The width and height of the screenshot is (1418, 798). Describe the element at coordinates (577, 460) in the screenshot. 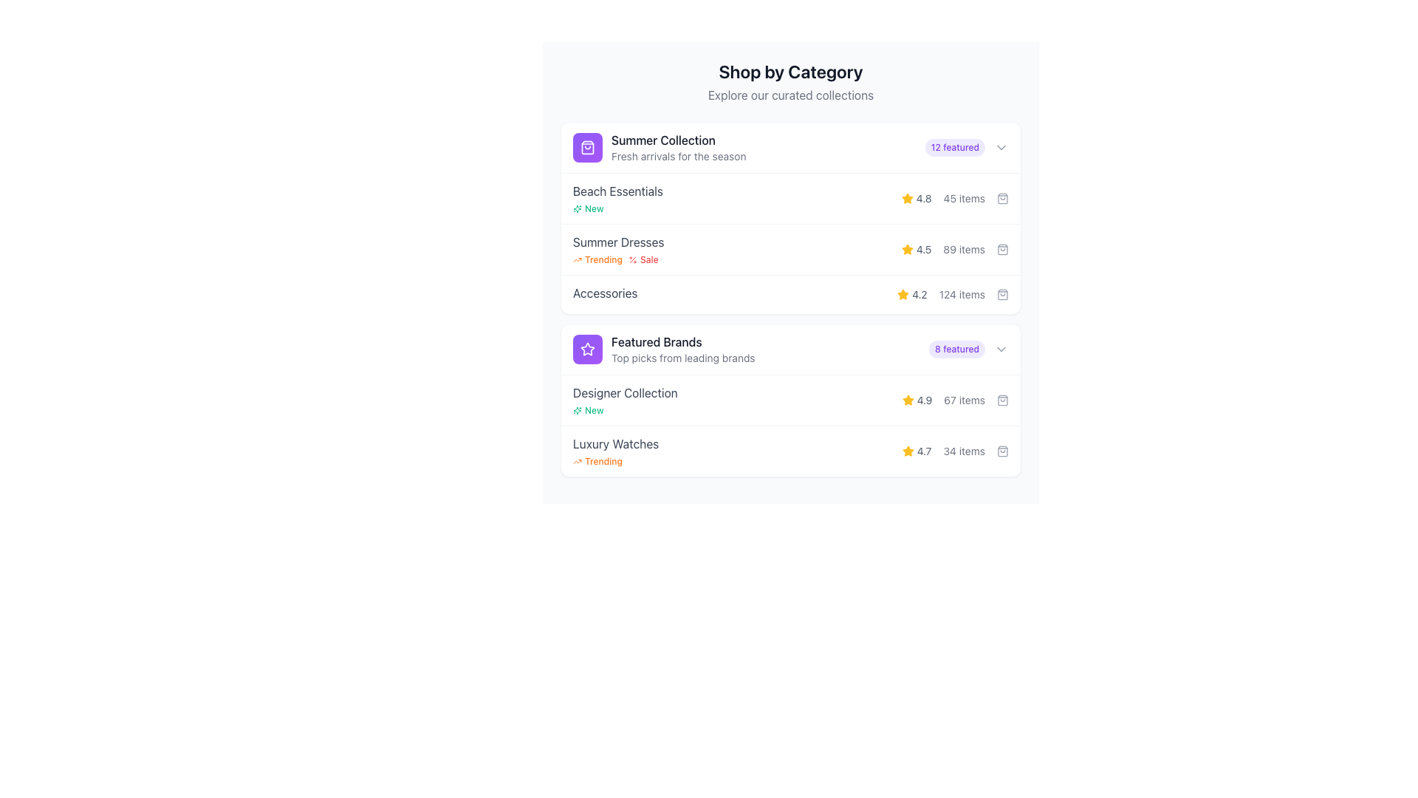

I see `the 'trending' status icon located to the left of the 'Trending' label, which is styled with an orange theme` at that location.